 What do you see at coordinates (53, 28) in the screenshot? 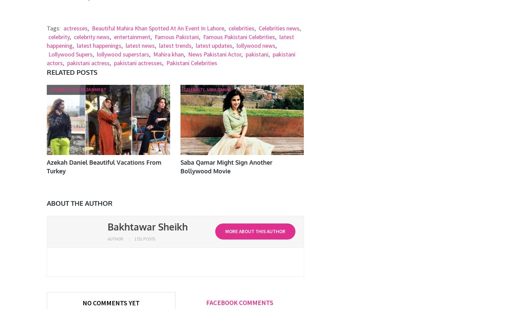
I see `'Tags:'` at bounding box center [53, 28].